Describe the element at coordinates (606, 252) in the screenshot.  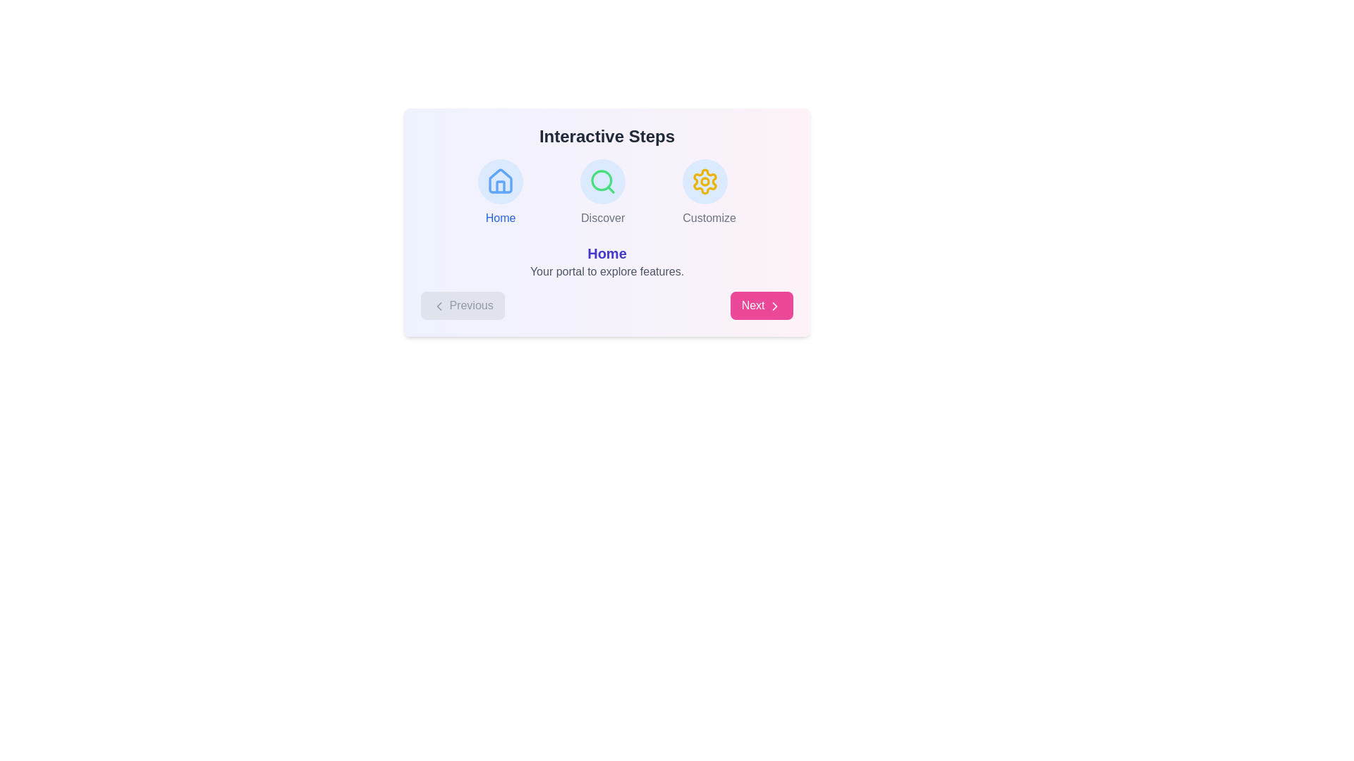
I see `the Text label that indicates the current step or section in the navigation process, which is positioned above 'Your portal` at that location.